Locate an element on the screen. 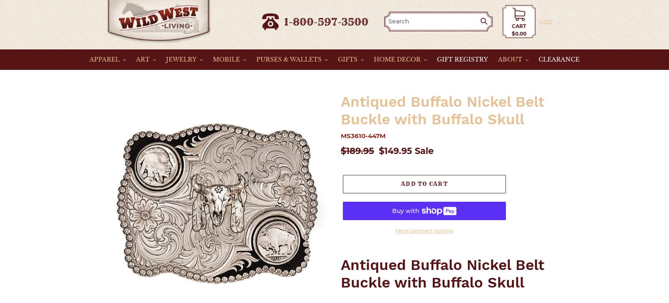  'JEWELRY' is located at coordinates (166, 59).